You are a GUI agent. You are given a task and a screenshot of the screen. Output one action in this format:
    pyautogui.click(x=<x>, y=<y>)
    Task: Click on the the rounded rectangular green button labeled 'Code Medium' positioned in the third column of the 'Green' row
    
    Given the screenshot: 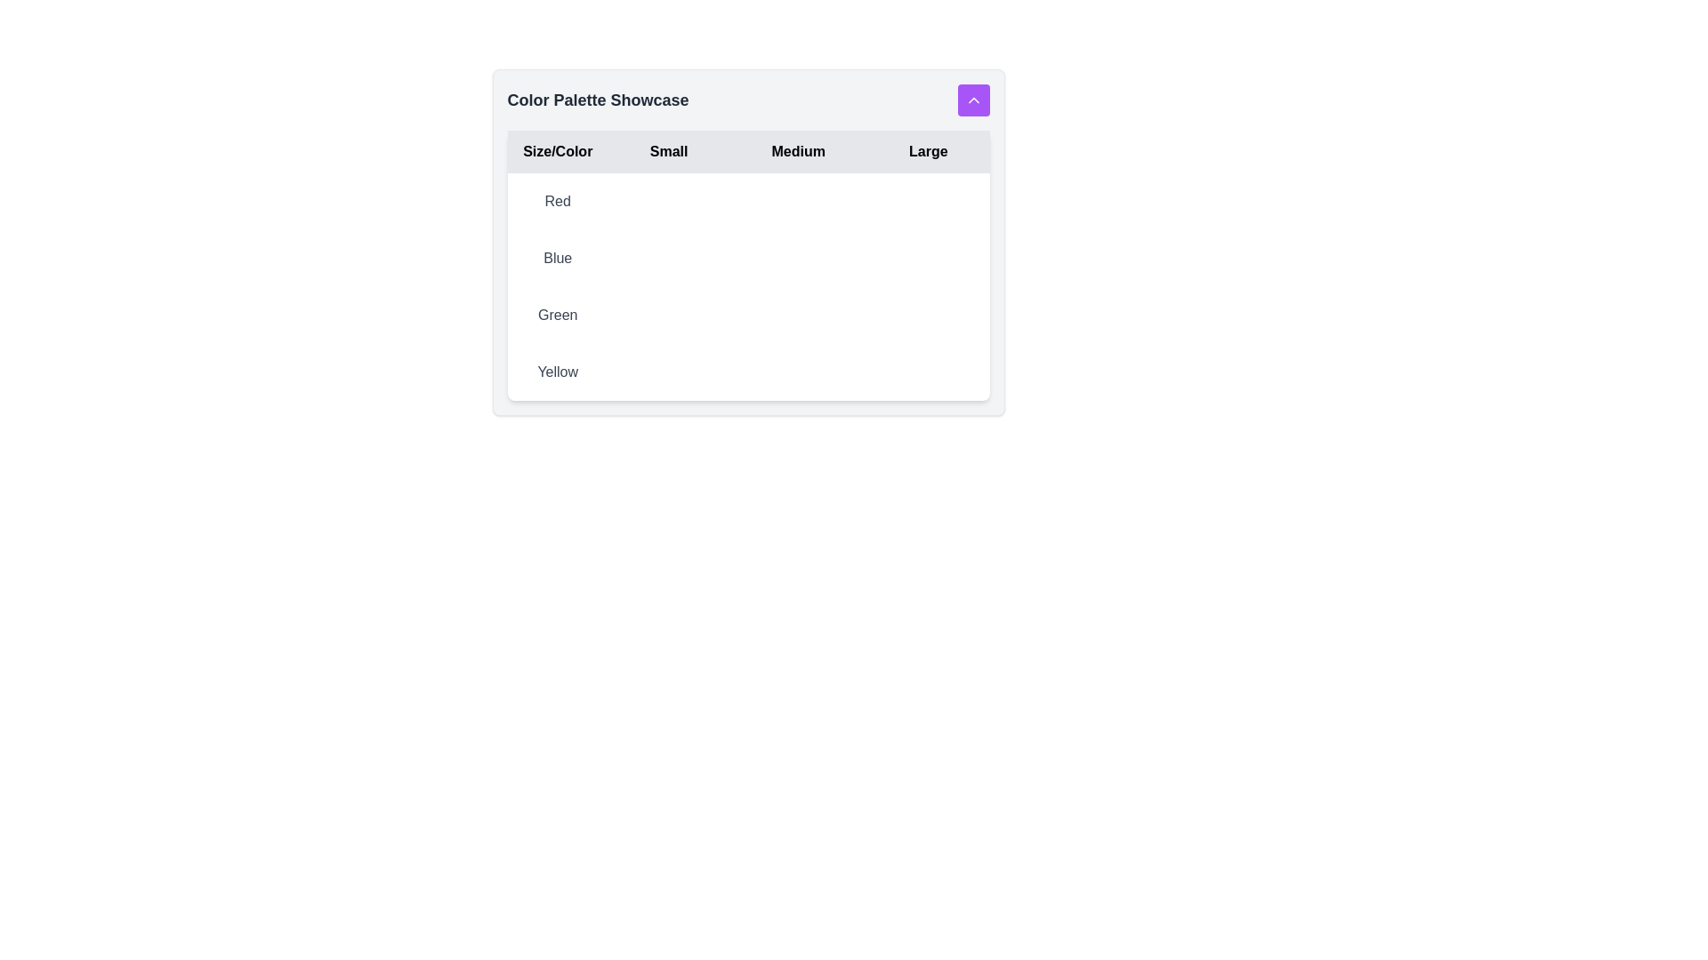 What is the action you would take?
    pyautogui.click(x=797, y=314)
    